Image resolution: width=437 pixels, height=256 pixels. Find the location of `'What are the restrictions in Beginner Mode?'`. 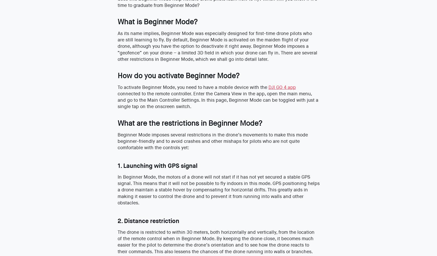

'What are the restrictions in Beginner Mode?' is located at coordinates (189, 123).